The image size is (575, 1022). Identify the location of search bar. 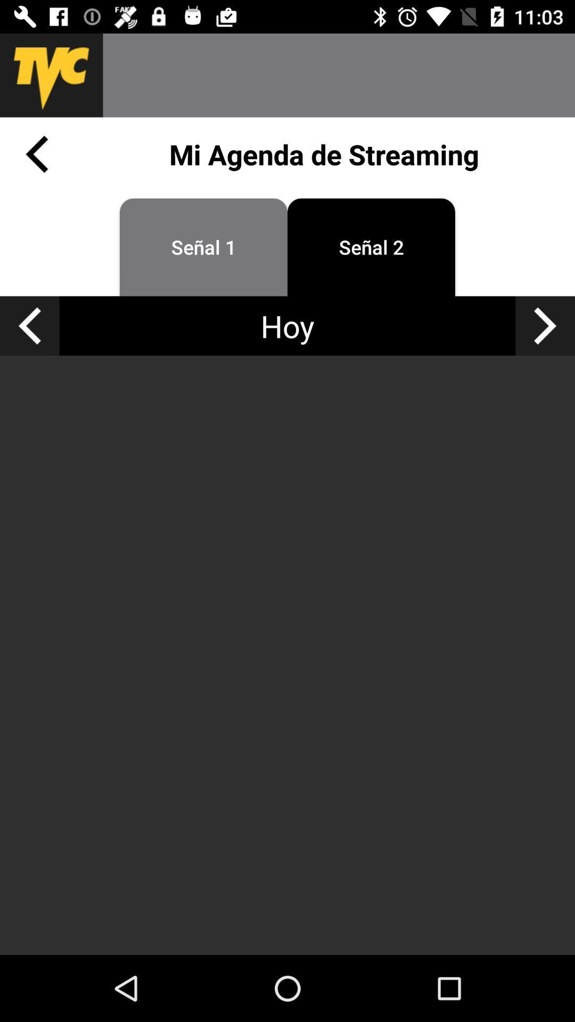
(339, 75).